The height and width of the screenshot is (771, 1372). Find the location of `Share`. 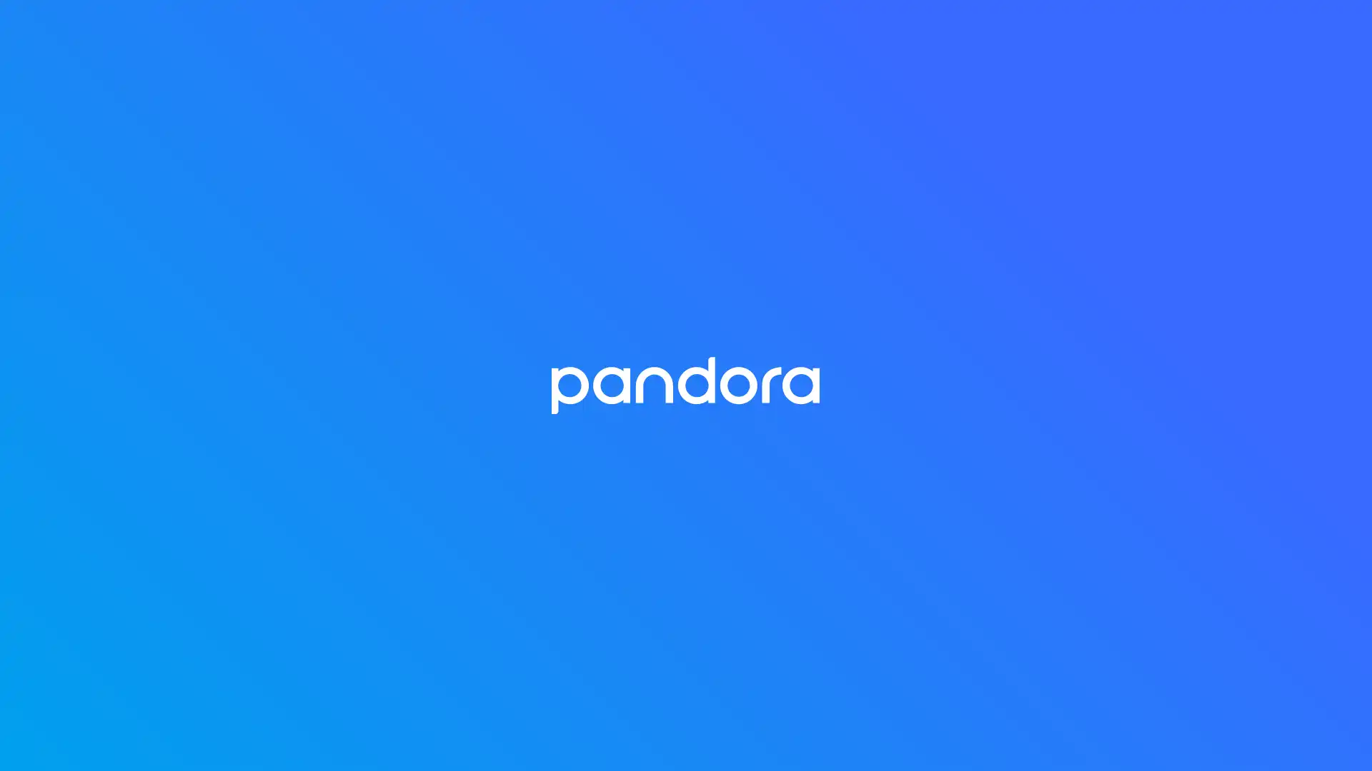

Share is located at coordinates (382, 465).